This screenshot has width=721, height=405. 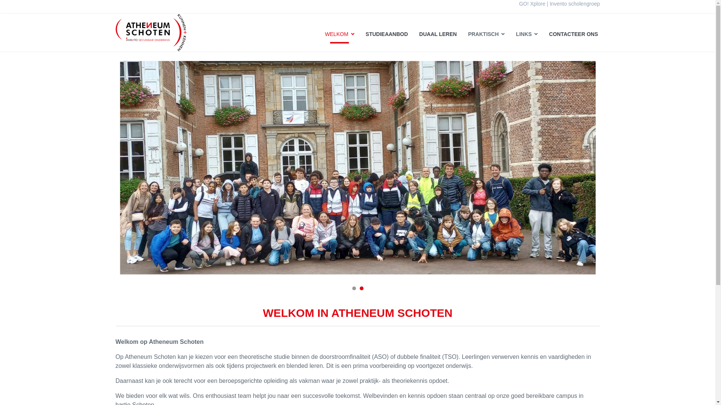 What do you see at coordinates (531, 4) in the screenshot?
I see `'GO! Xplore'` at bounding box center [531, 4].